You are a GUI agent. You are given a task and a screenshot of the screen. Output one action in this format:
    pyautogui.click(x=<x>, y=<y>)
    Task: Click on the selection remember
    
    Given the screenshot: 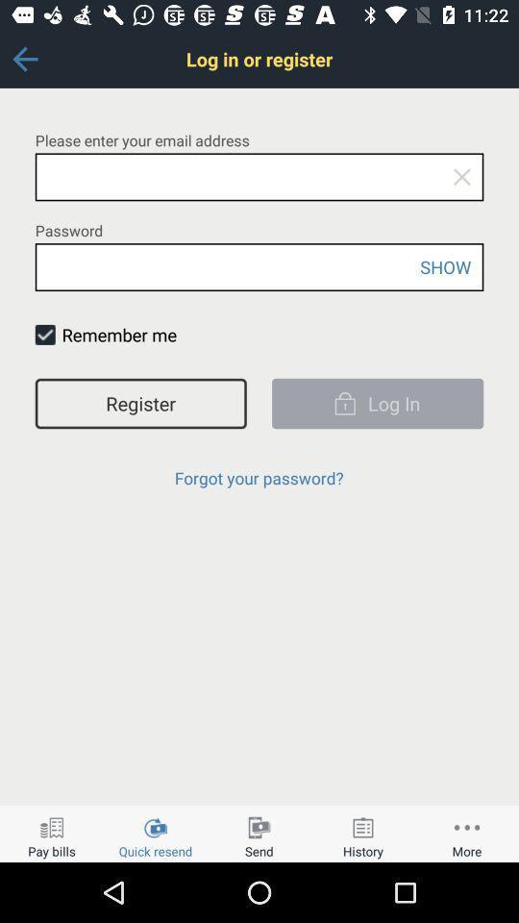 What is the action you would take?
    pyautogui.click(x=45, y=335)
    